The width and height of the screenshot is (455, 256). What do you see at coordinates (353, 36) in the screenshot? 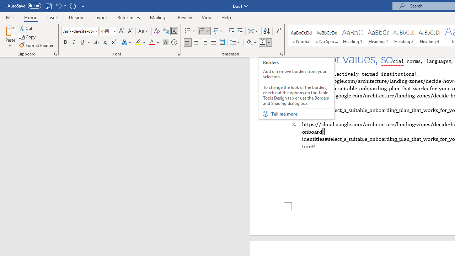
I see `'Heading 1'` at bounding box center [353, 36].